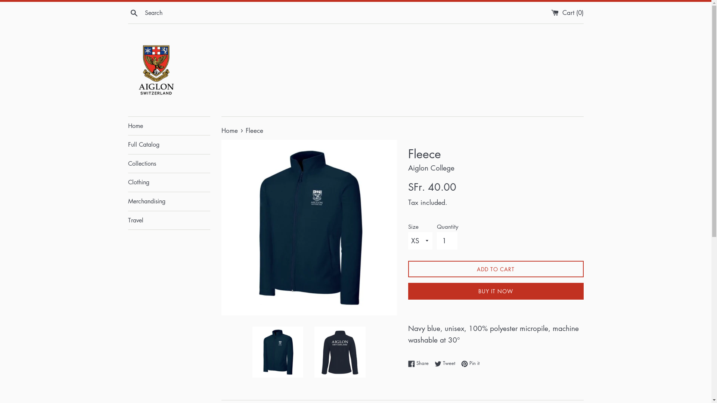  What do you see at coordinates (469, 362) in the screenshot?
I see `'Pin it` at bounding box center [469, 362].